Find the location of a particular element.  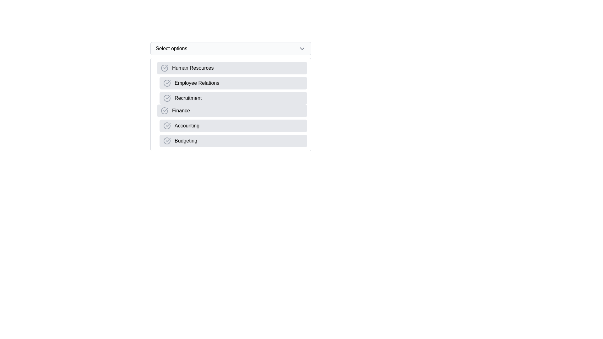

the checkmark inside a circle icon that represents confirmation or selection, located in the middle-right section of the interface is located at coordinates (168, 140).